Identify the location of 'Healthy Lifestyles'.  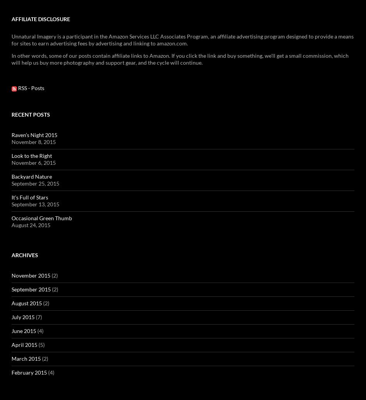
(91, 147).